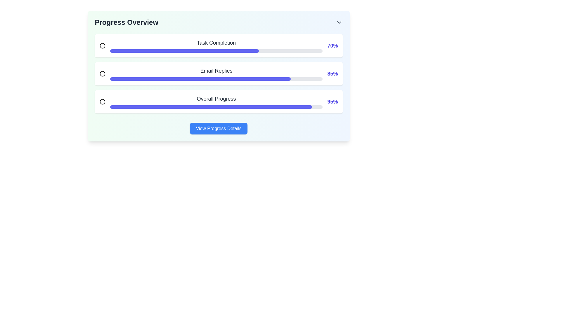 Image resolution: width=561 pixels, height=315 pixels. What do you see at coordinates (218, 128) in the screenshot?
I see `the button located at the bottom center of the progress information card` at bounding box center [218, 128].